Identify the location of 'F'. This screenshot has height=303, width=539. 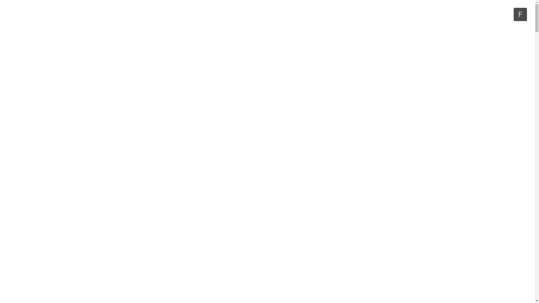
(520, 14).